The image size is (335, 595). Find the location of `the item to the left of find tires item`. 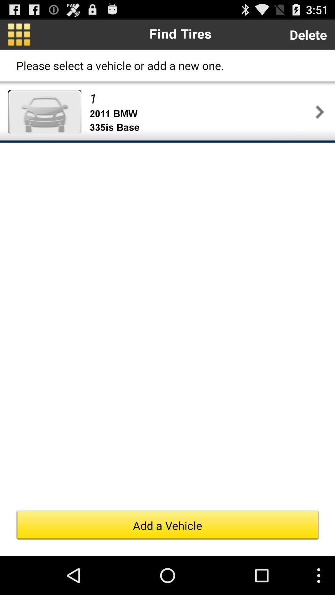

the item to the left of find tires item is located at coordinates (19, 34).